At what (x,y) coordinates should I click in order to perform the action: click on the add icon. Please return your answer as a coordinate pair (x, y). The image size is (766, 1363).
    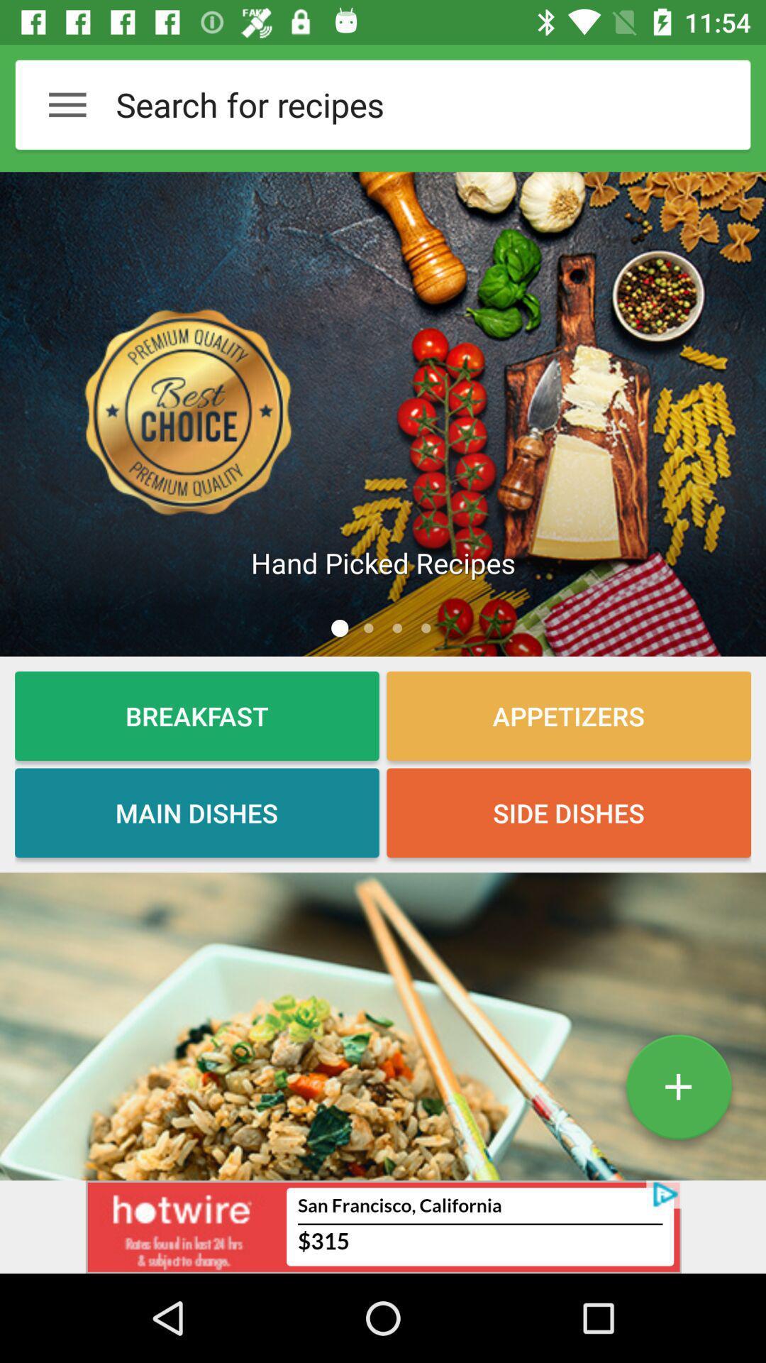
    Looking at the image, I should click on (677, 1092).